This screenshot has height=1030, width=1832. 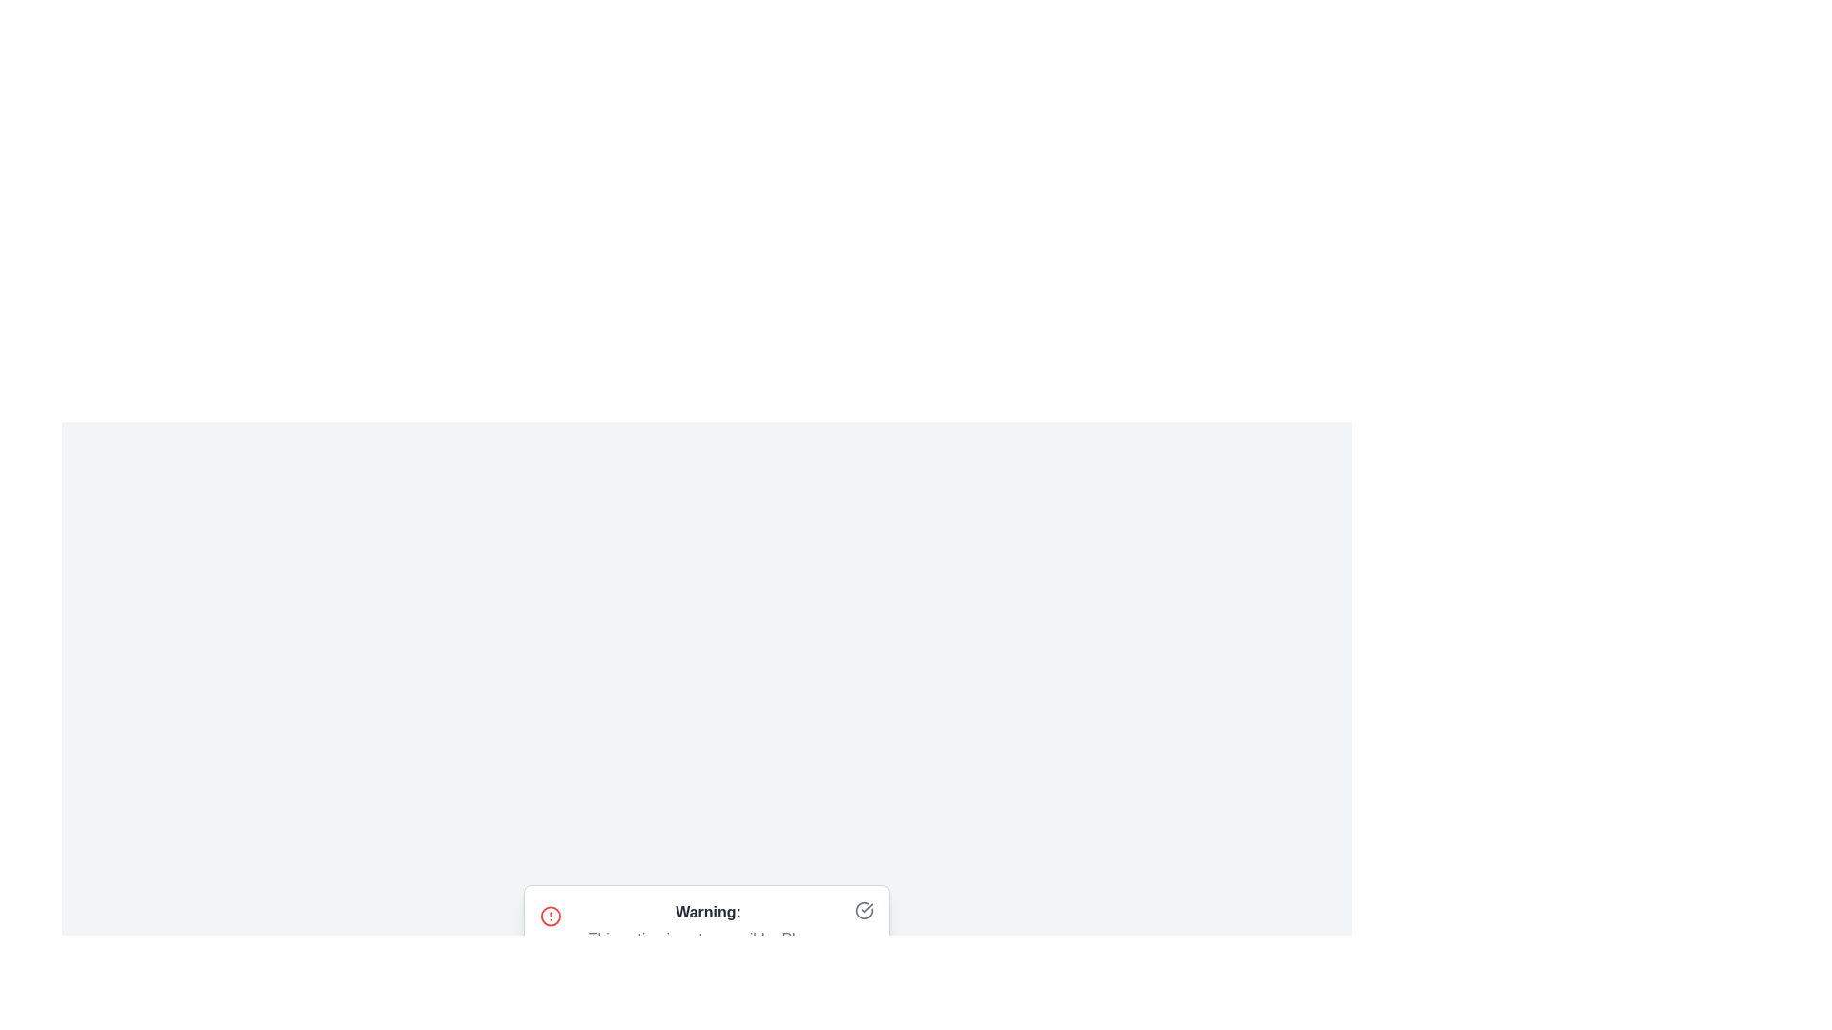 I want to click on the Icon button in the top-right corner of the warning modal, so click(x=864, y=910).